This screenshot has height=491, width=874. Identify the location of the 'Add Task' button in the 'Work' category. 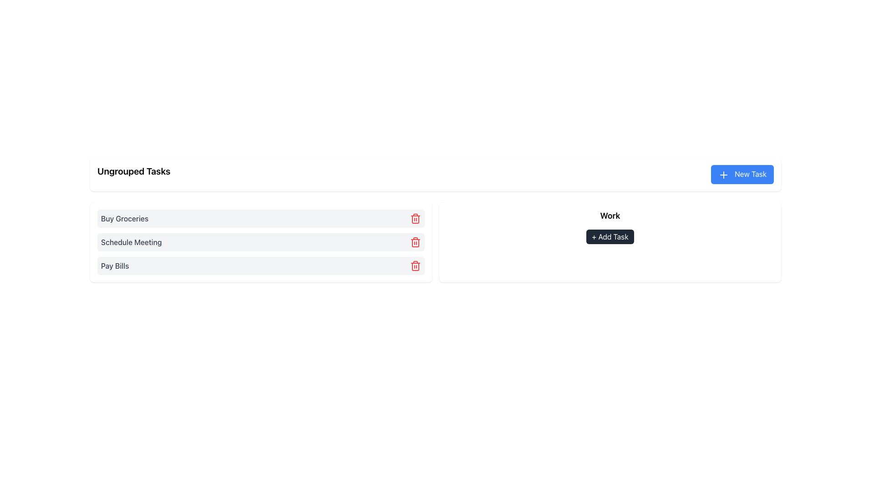
(610, 236).